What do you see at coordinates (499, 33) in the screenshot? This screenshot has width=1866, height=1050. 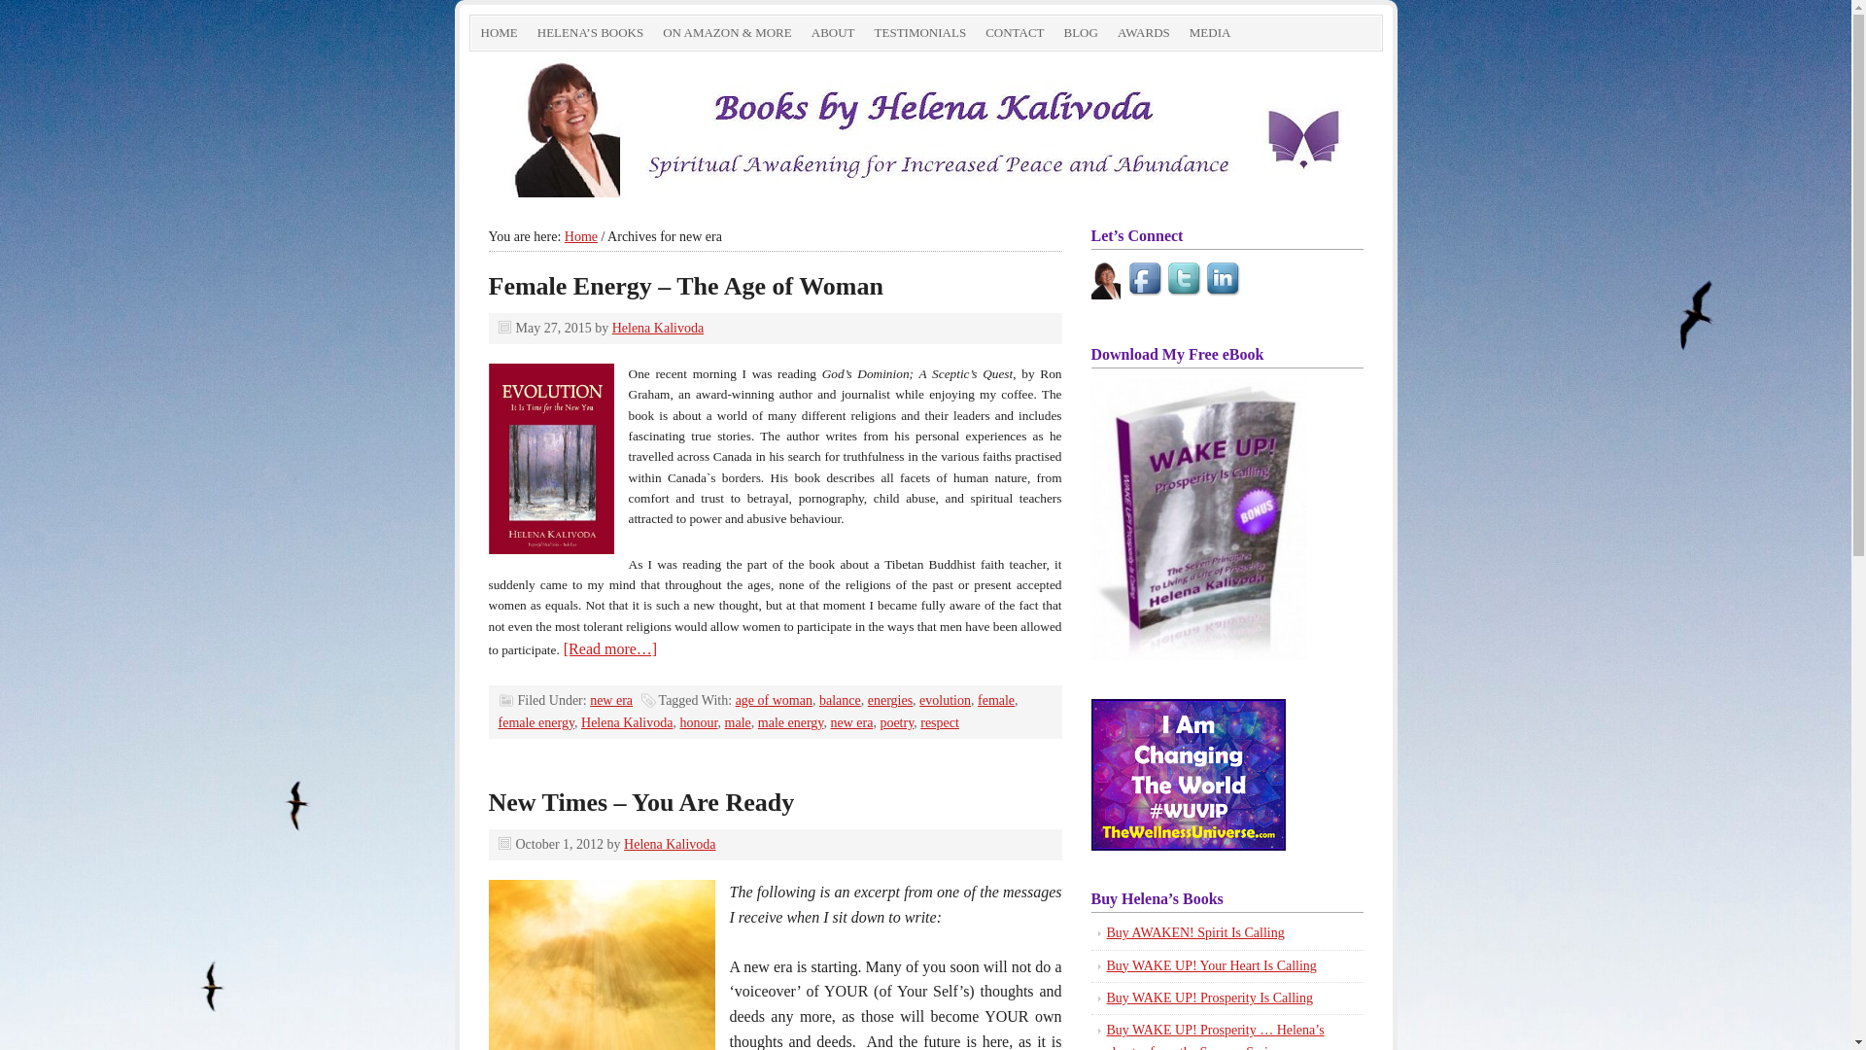 I see `'HOME'` at bounding box center [499, 33].